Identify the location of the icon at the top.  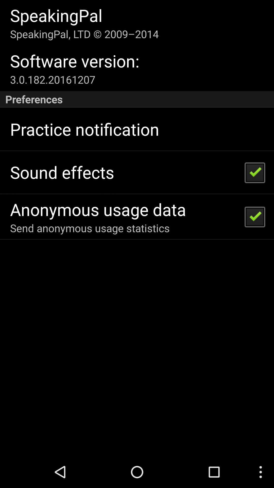
(137, 99).